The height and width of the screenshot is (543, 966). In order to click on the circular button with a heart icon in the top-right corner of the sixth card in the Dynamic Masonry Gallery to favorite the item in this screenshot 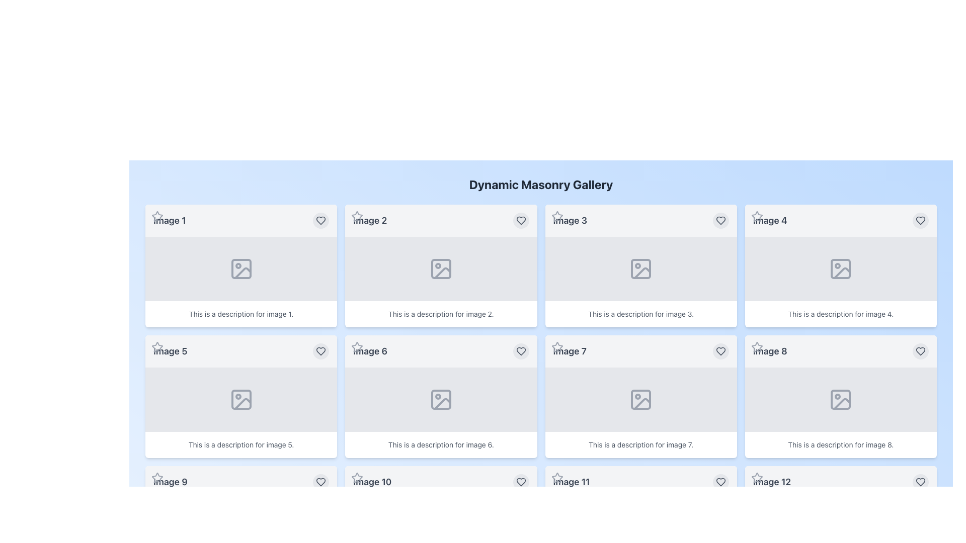, I will do `click(521, 350)`.